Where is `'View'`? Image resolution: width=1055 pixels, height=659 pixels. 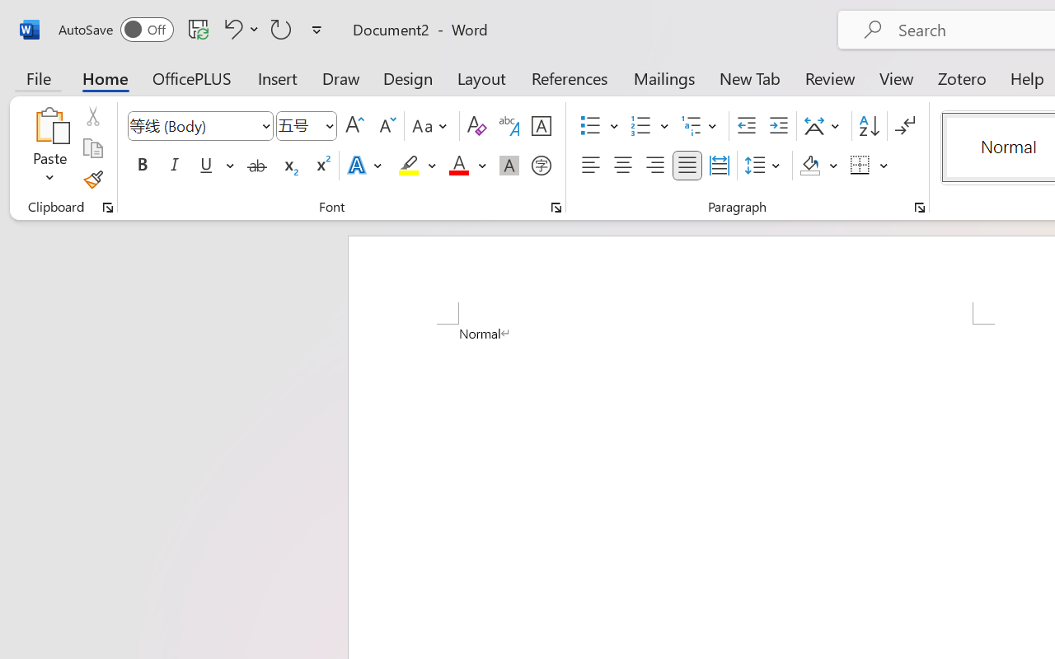
'View' is located at coordinates (896, 77).